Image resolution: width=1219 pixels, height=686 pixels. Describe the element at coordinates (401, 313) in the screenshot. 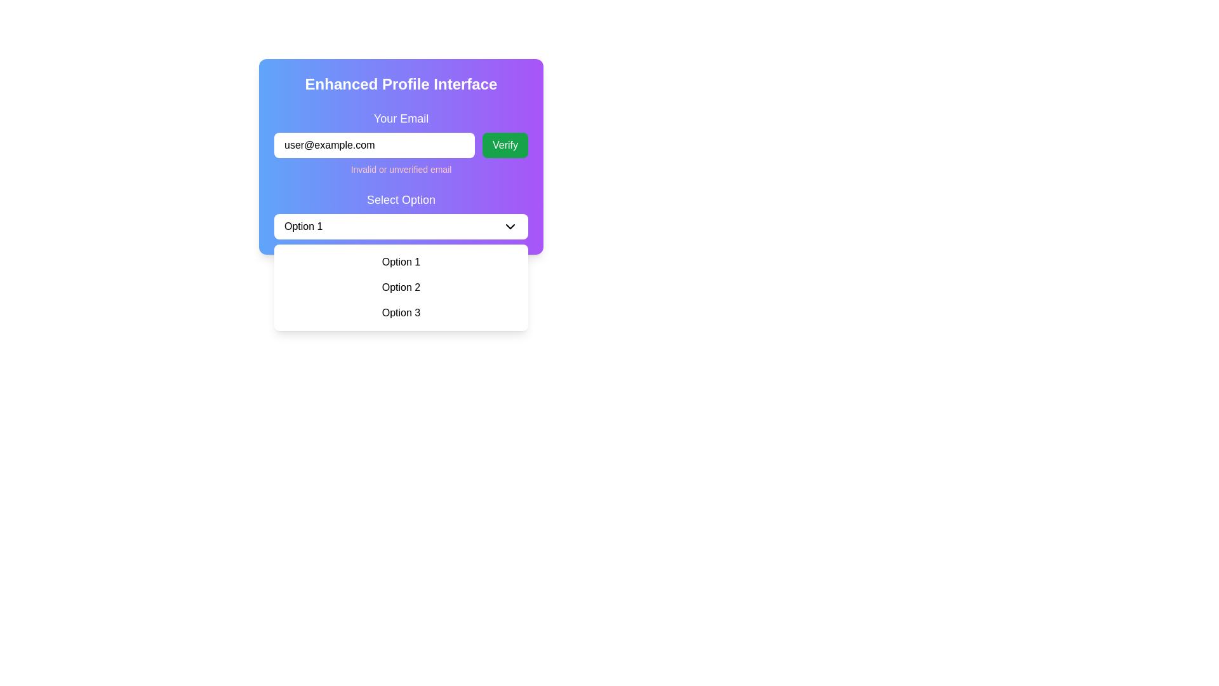

I see `the 'Option 3' element in the dropdown menu` at that location.